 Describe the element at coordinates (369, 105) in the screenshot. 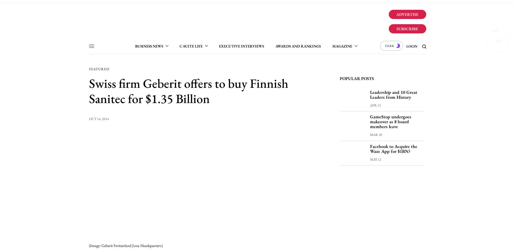

I see `'Apr 15'` at that location.